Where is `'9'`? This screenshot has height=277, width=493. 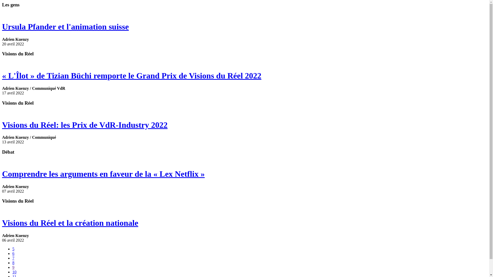
'9' is located at coordinates (13, 267).